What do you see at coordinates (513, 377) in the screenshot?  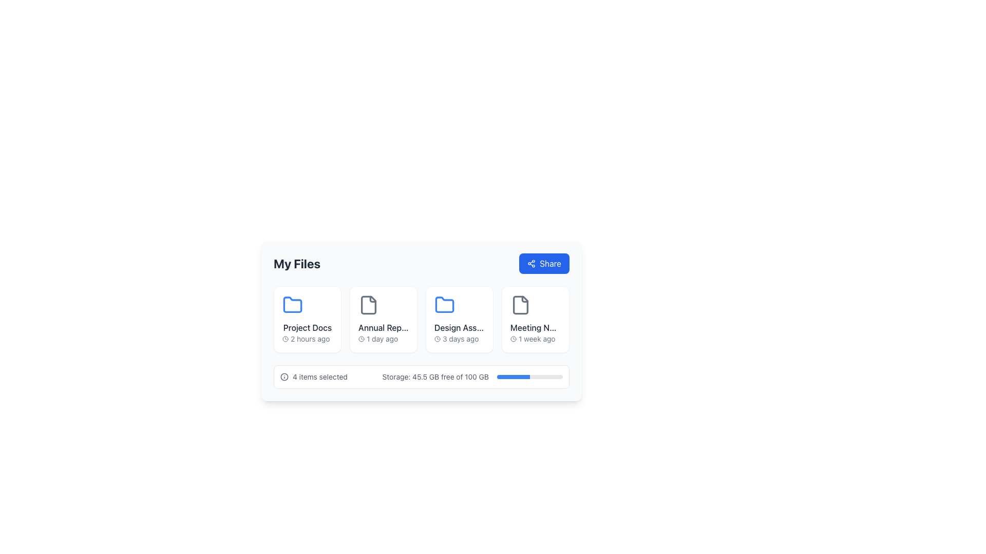 I see `the blue-filled portion of the progress bar located below the 'Storage' label, which represents the filled portion of the progress bar` at bounding box center [513, 377].